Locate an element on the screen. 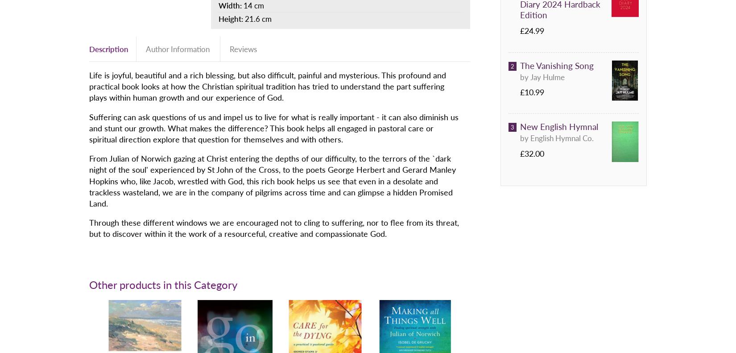 This screenshot has width=736, height=353. 'From Julian of Norwich gazing at Christ entering the depths of our difficulty, to the terrors of the `dark night of the soul' experienced by St John of the Cross, to the poets George Herbert and Gerard Manley Hopkins who, like Jacob, wrestled with God, this rich book helps us see that even in a desolate and trackless wasteland, we are in the company of pilgrims across time and can glimpse a hidden Promised Land.' is located at coordinates (272, 180).